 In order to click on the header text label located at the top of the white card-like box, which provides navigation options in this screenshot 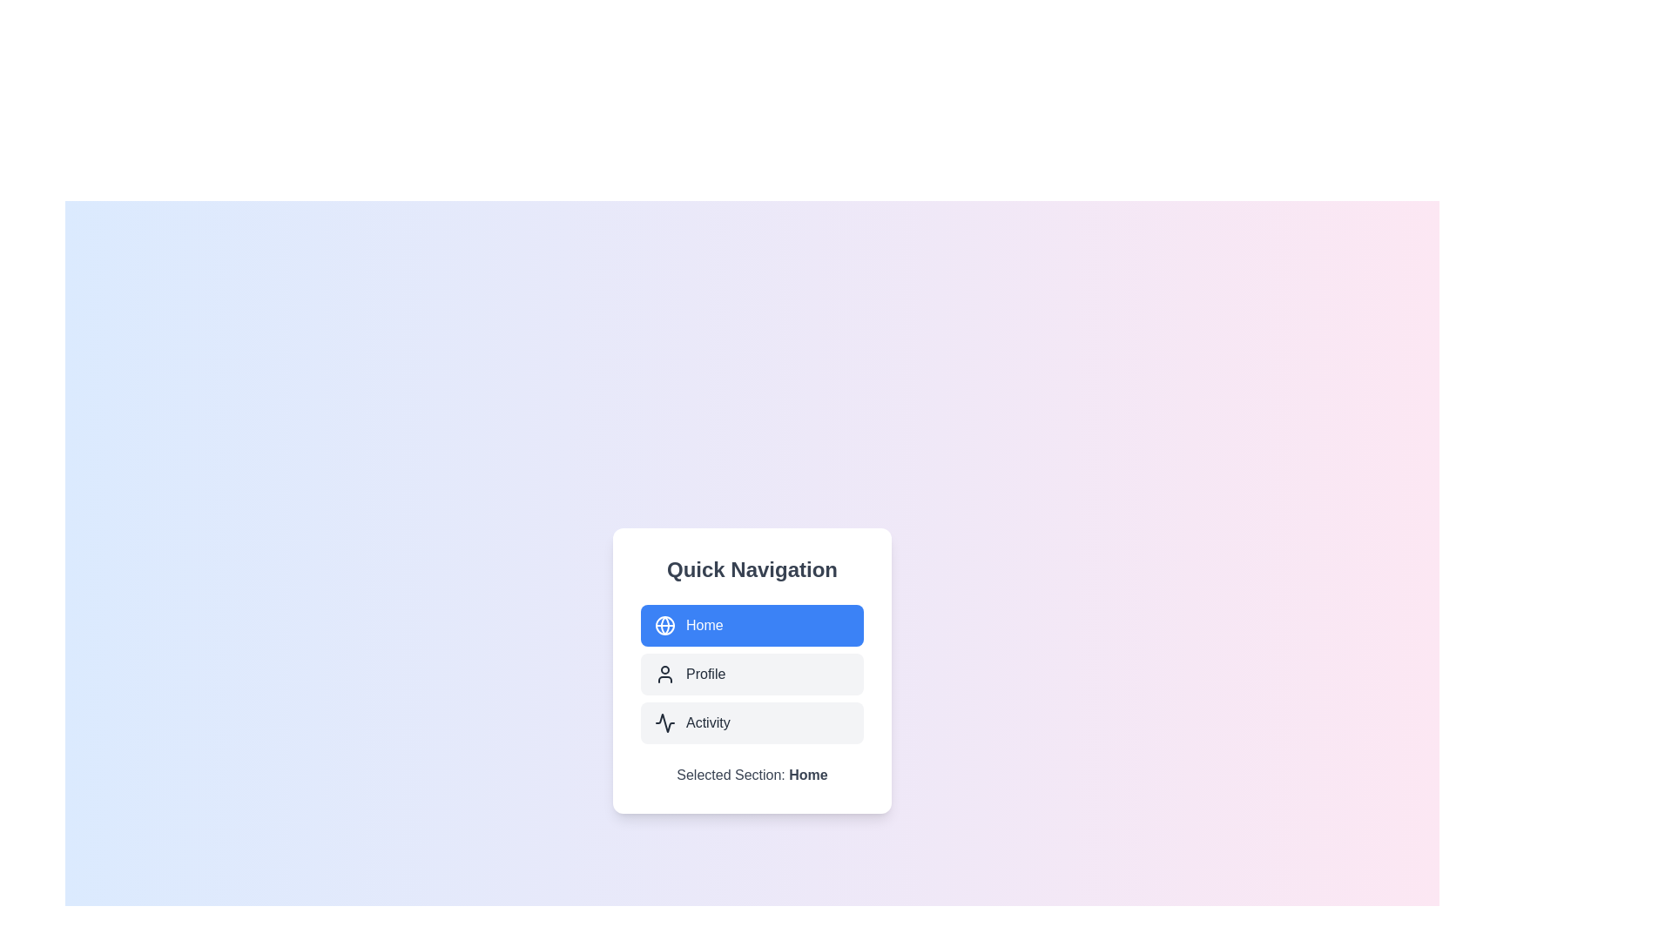, I will do `click(752, 570)`.